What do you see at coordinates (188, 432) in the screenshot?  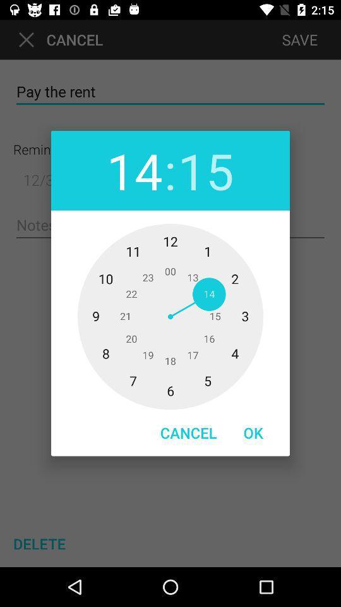 I see `item to the left of ok item` at bounding box center [188, 432].